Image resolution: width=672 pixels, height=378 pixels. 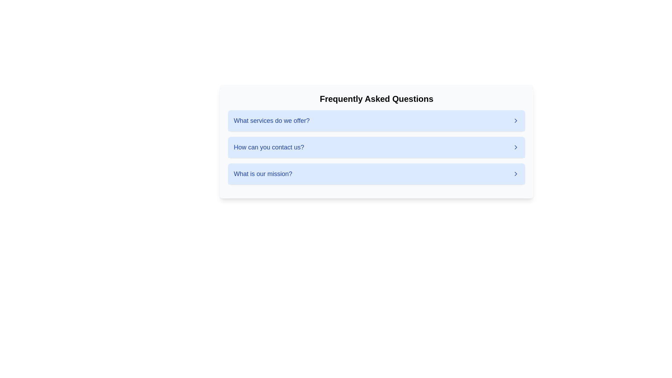 I want to click on the rightward arrow icon outlined against a light blue background, which is positioned at the far-right end of the row containing the text 'How can you contact us?', so click(x=516, y=147).